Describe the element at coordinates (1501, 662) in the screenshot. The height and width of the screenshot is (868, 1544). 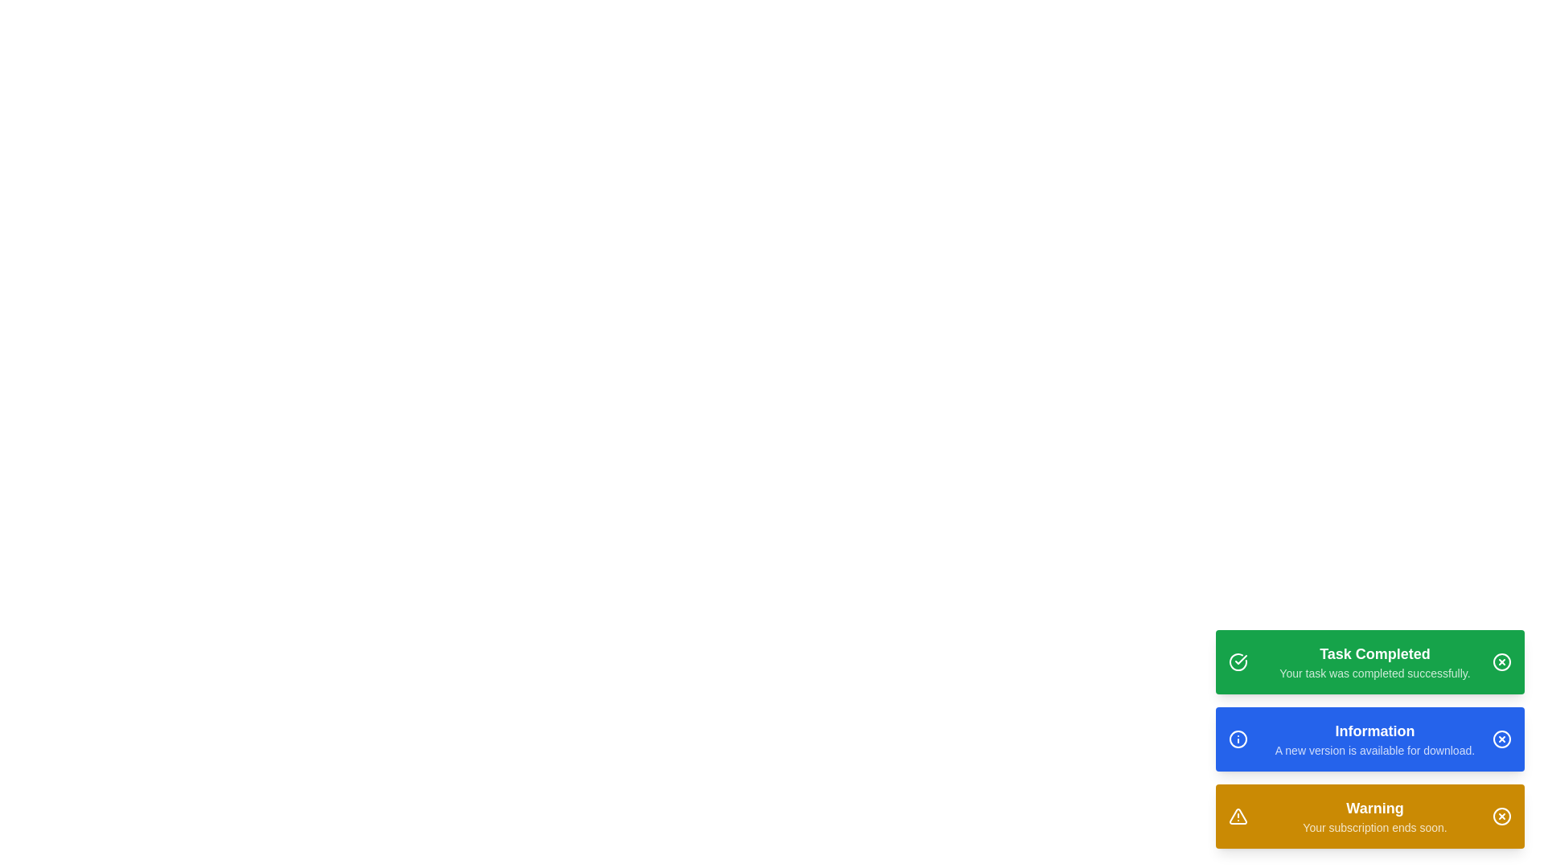
I see `the circular SVG element representing the close or dismiss action in the top-right corner of the green 'Task Completed' notification card` at that location.